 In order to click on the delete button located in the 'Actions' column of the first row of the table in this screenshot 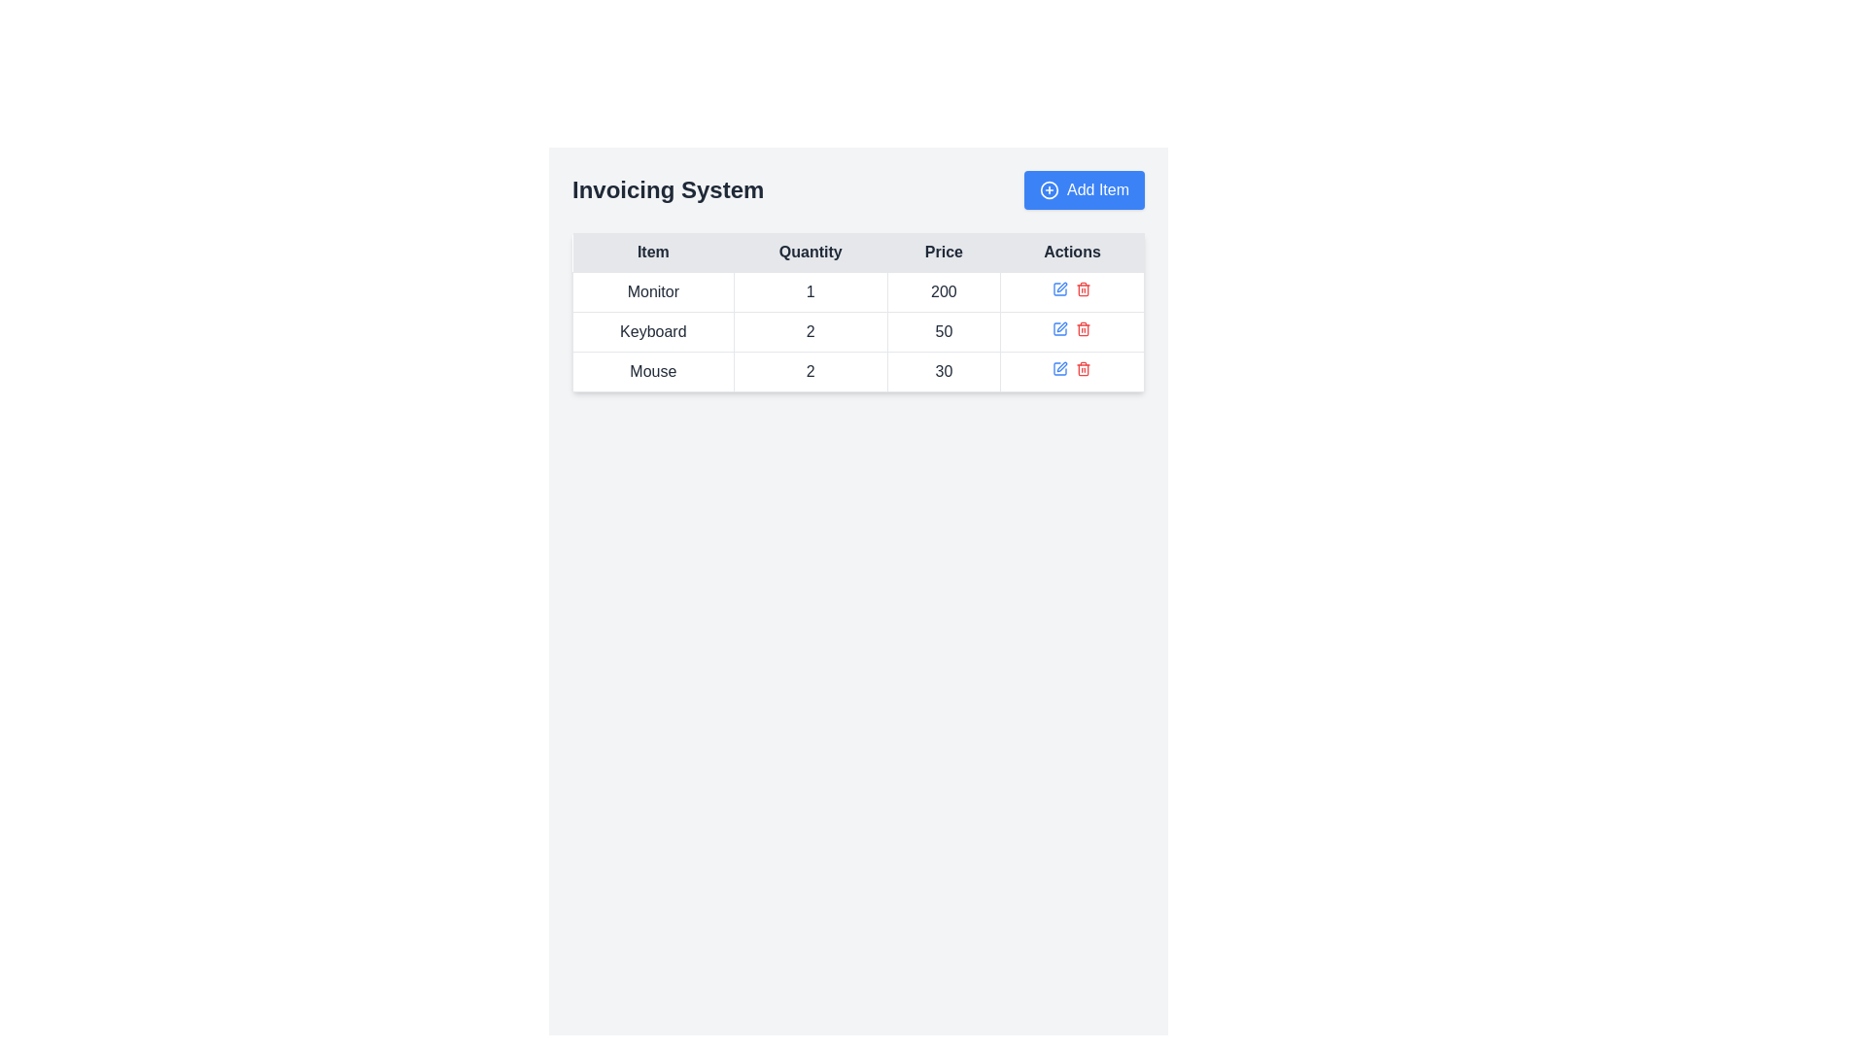, I will do `click(1083, 288)`.